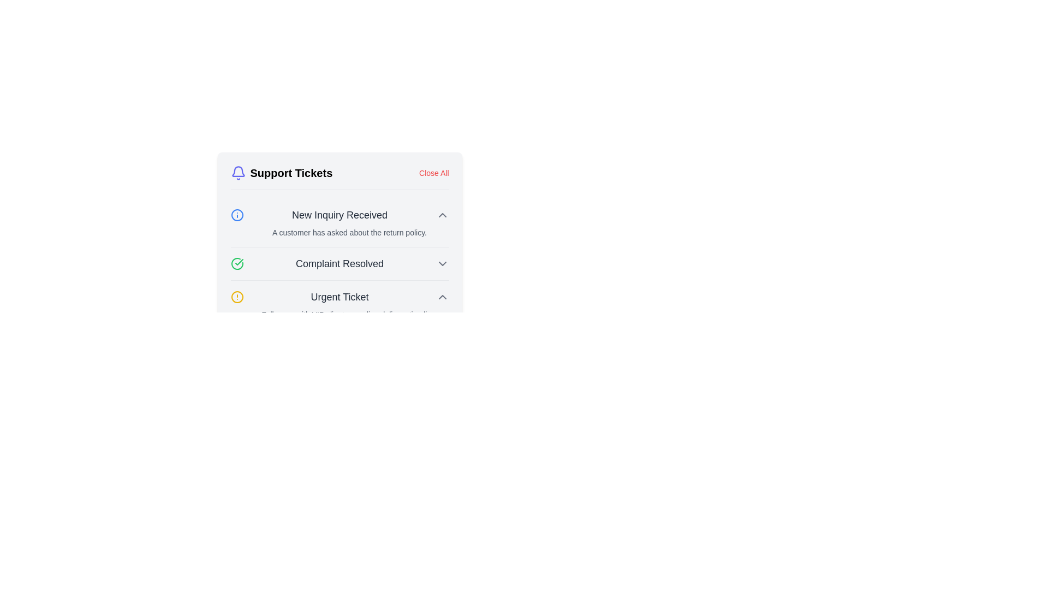 This screenshot has width=1048, height=590. I want to click on the expandable list item representing a notification for a newly received inquiry under the 'Support Tickets' heading, so click(339, 215).